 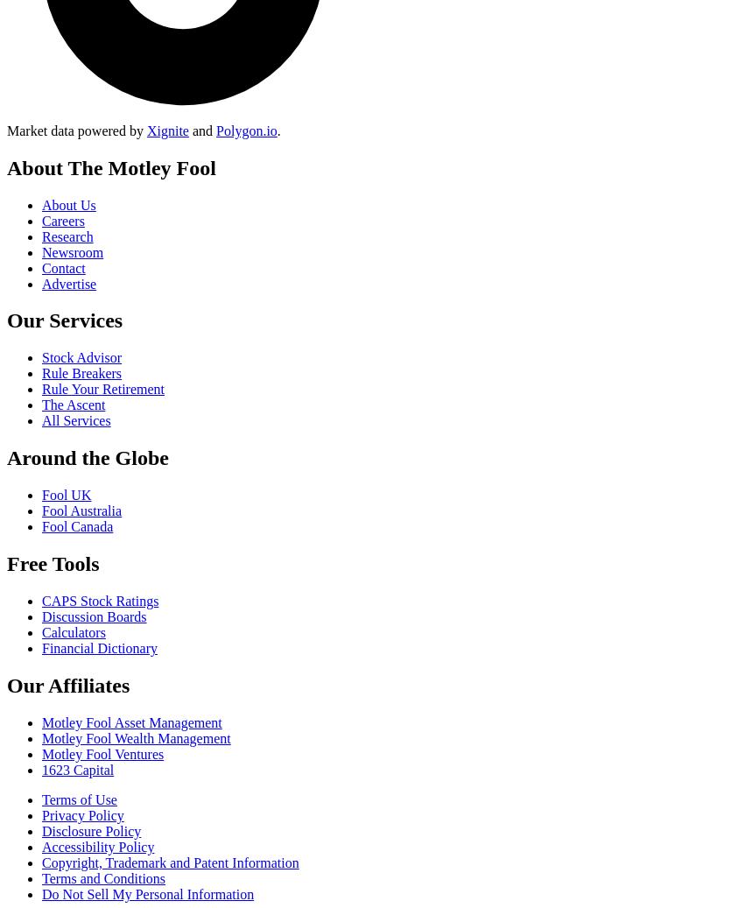 I want to click on 'Stock Advisor', so click(x=41, y=356).